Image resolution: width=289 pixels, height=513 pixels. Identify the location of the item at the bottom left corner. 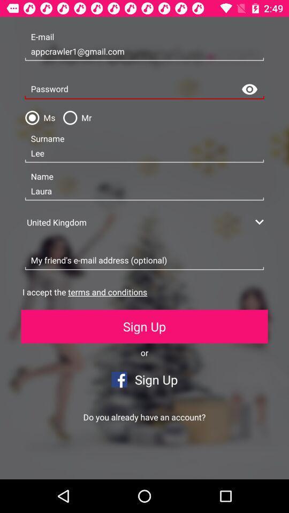
(72, 462).